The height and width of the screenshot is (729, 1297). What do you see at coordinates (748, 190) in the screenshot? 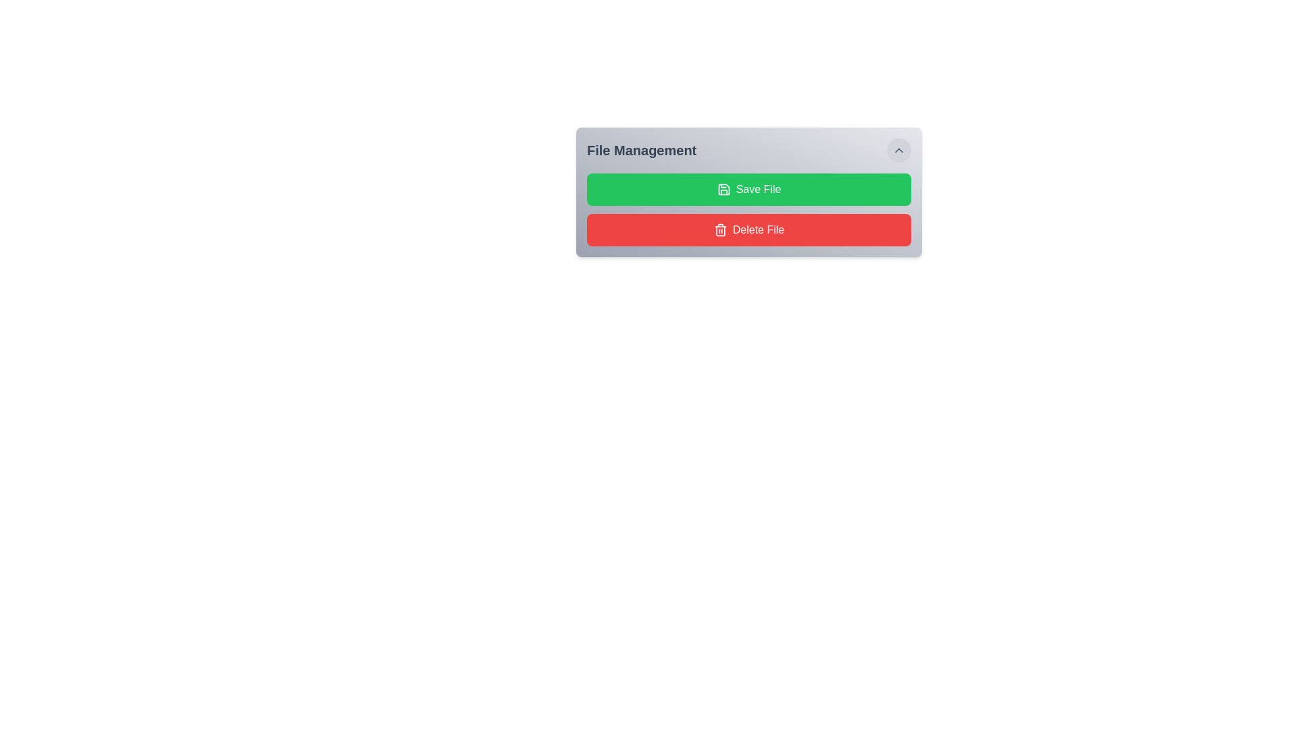
I see `the first button in the list within the 'File Management' card to initiate the save file action` at bounding box center [748, 190].